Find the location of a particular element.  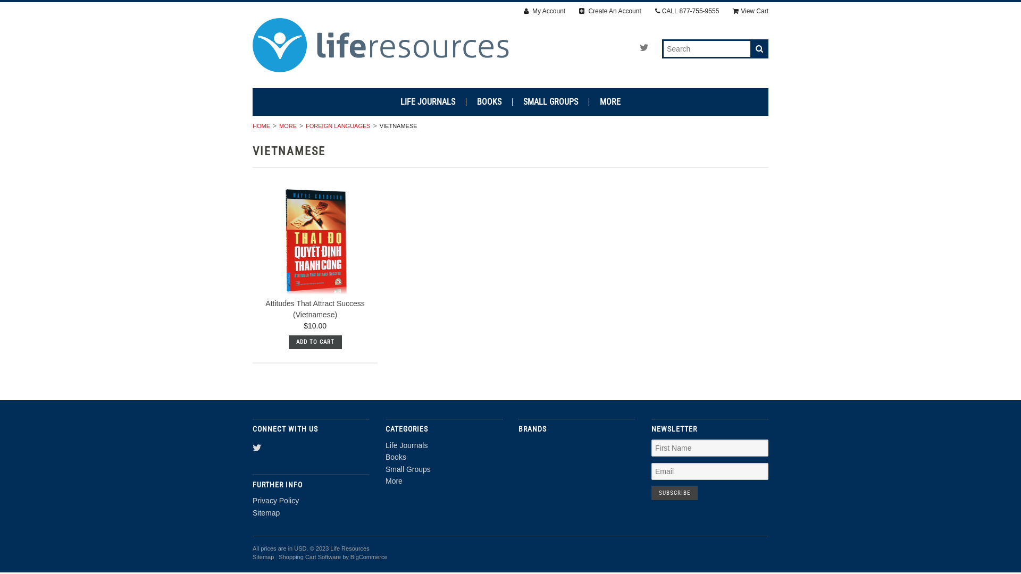

'Attitudes That Attract Success (Vietnamese)' is located at coordinates (314, 309).